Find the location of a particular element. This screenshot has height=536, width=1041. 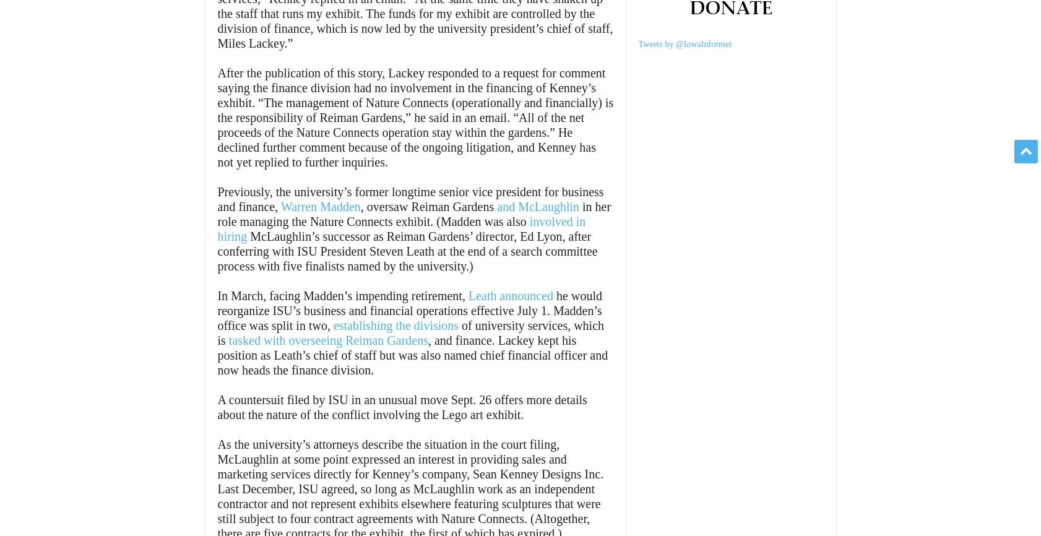

'establishing the divisions' is located at coordinates (333, 326).